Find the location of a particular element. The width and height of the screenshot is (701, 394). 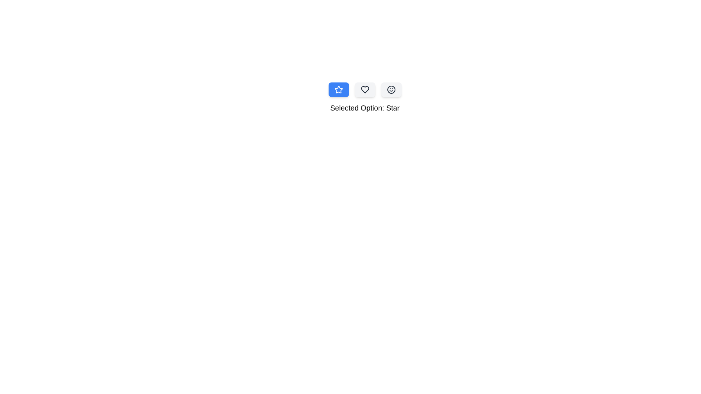

the Star icon option is located at coordinates (338, 89).